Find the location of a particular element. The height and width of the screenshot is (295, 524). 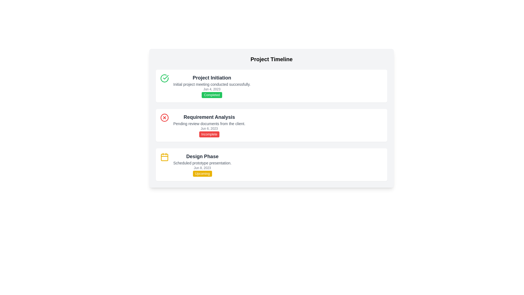

the graphical decorative element within the calendar icon, which is the third icon in the vertical timeline list to the right of the 'Design Phase' text box is located at coordinates (164, 157).